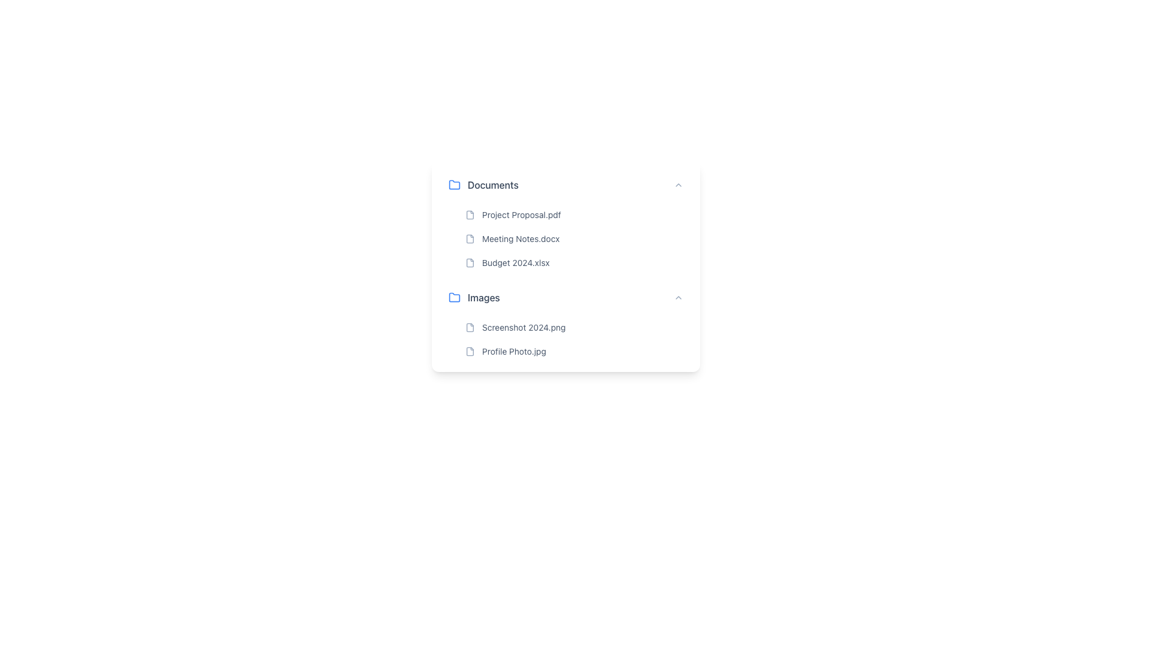  What do you see at coordinates (483, 185) in the screenshot?
I see `the 'Documents' label with folder icon, which is styled in blue and dark slate-gray` at bounding box center [483, 185].